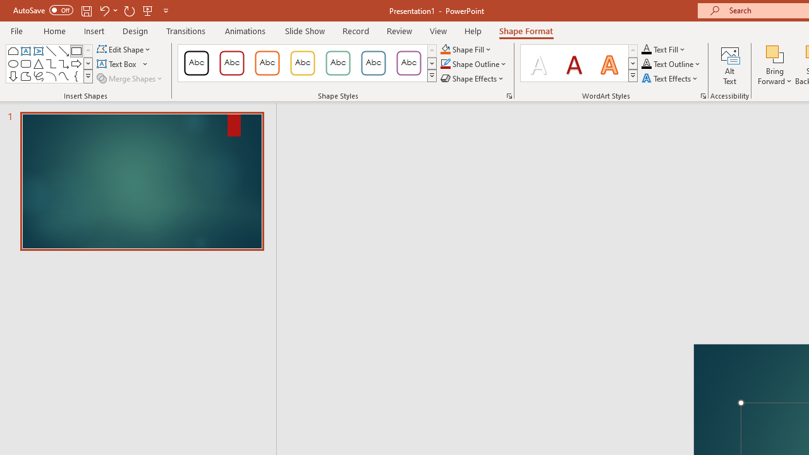 This screenshot has width=809, height=455. What do you see at coordinates (308, 63) in the screenshot?
I see `'AutomationID: ShapeStylesGallery'` at bounding box center [308, 63].